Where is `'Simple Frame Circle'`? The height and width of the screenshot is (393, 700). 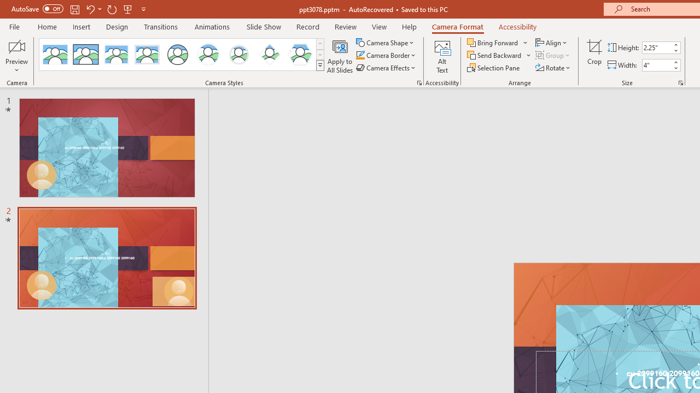 'Simple Frame Circle' is located at coordinates (178, 55).